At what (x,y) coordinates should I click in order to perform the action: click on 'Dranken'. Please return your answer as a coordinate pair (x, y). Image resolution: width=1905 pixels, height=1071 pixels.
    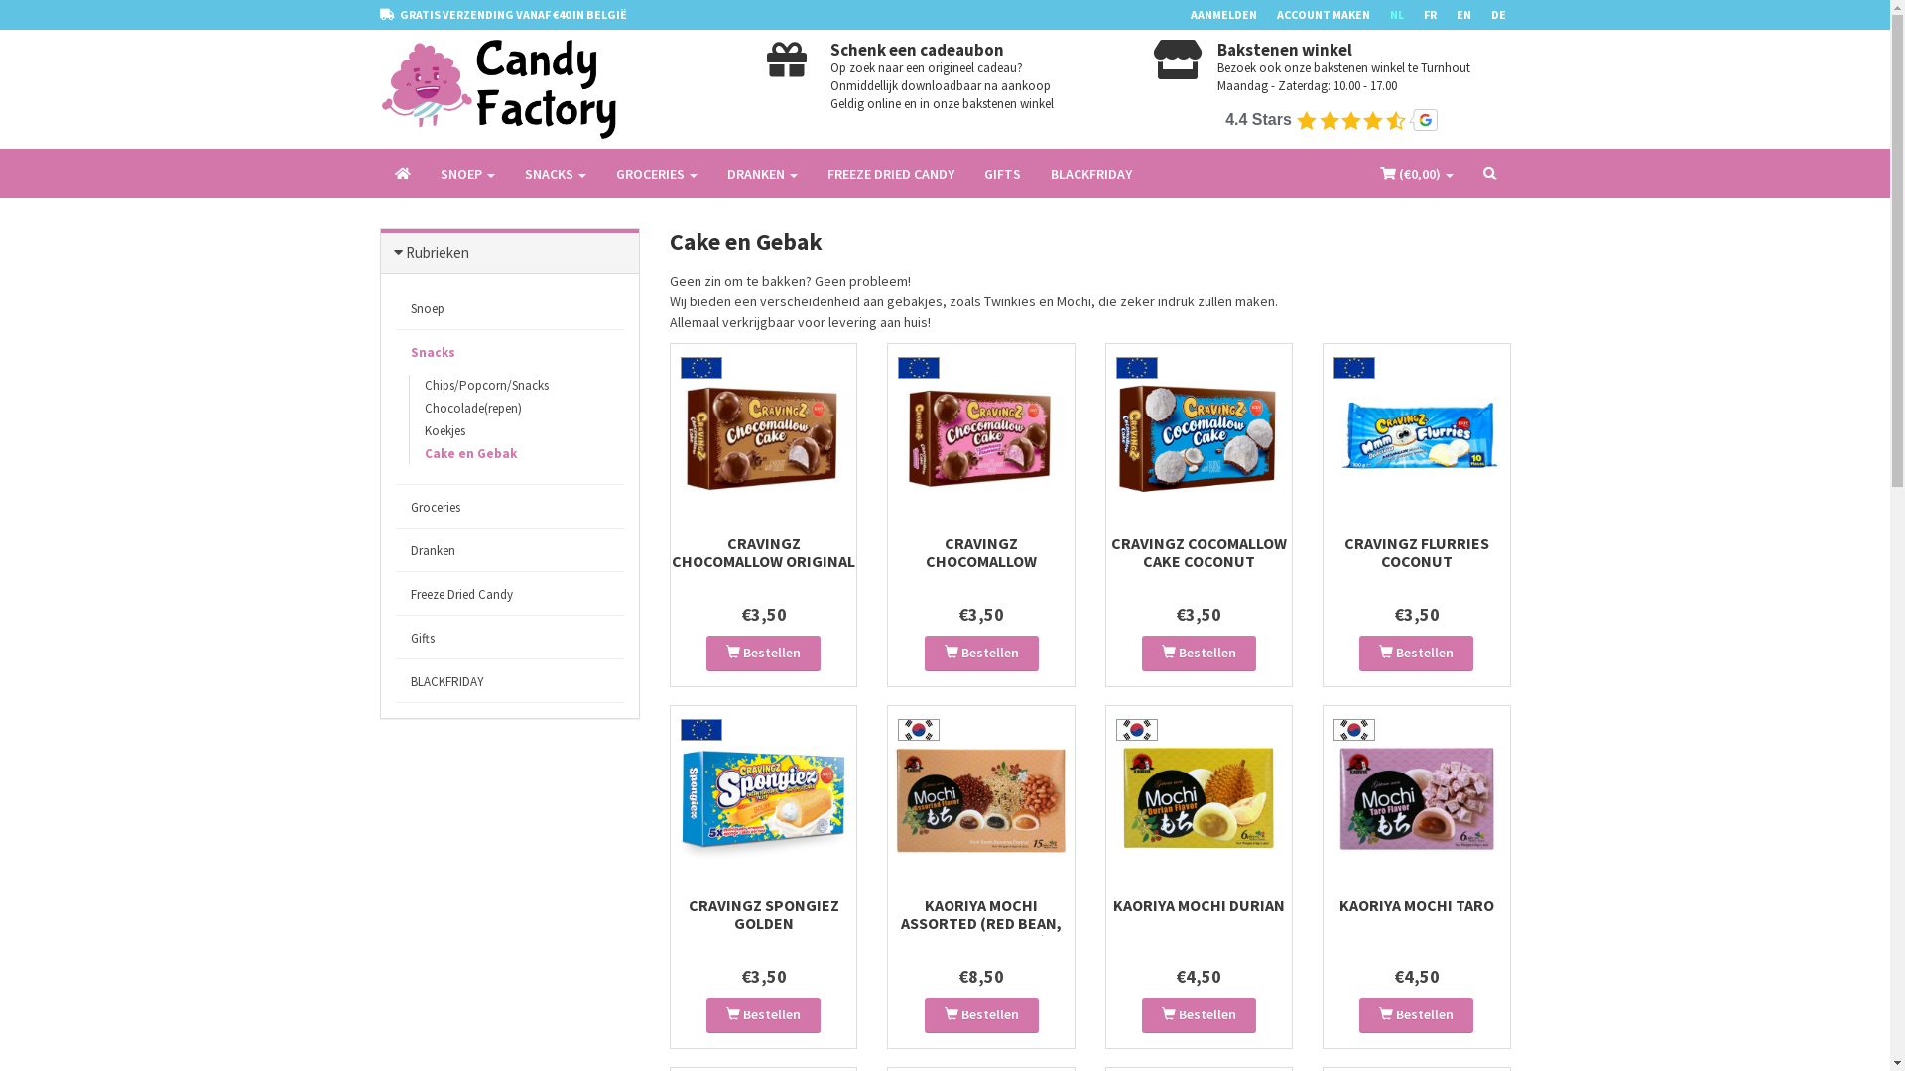
    Looking at the image, I should click on (509, 550).